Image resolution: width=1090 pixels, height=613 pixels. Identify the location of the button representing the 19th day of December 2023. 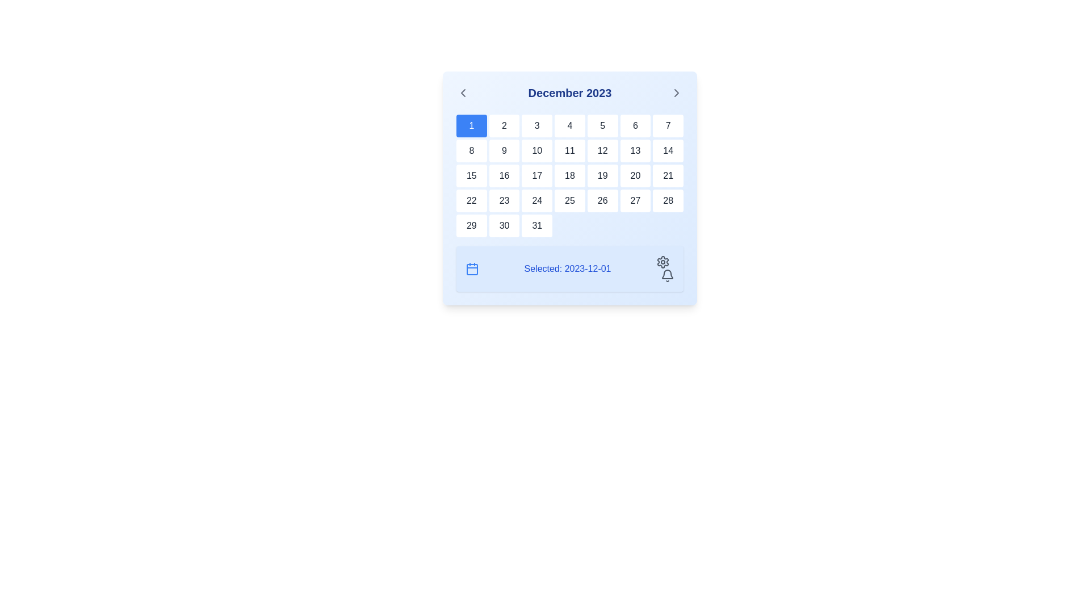
(602, 175).